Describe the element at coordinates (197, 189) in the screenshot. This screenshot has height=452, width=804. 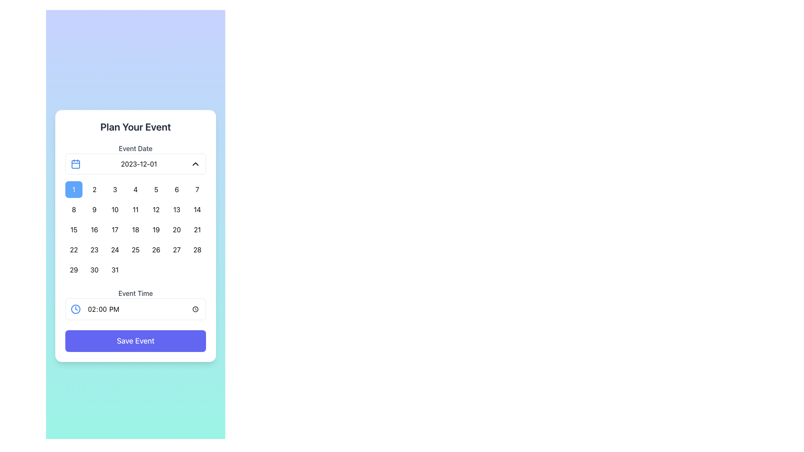
I see `the A button styled as a calendar day located in the first row and seventh column of the calendar grid` at that location.